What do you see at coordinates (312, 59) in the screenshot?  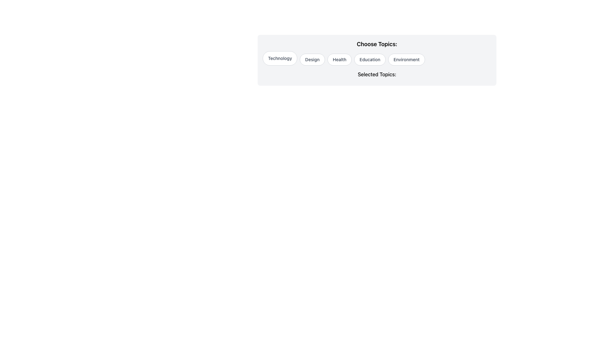 I see `the 'Design' button` at bounding box center [312, 59].